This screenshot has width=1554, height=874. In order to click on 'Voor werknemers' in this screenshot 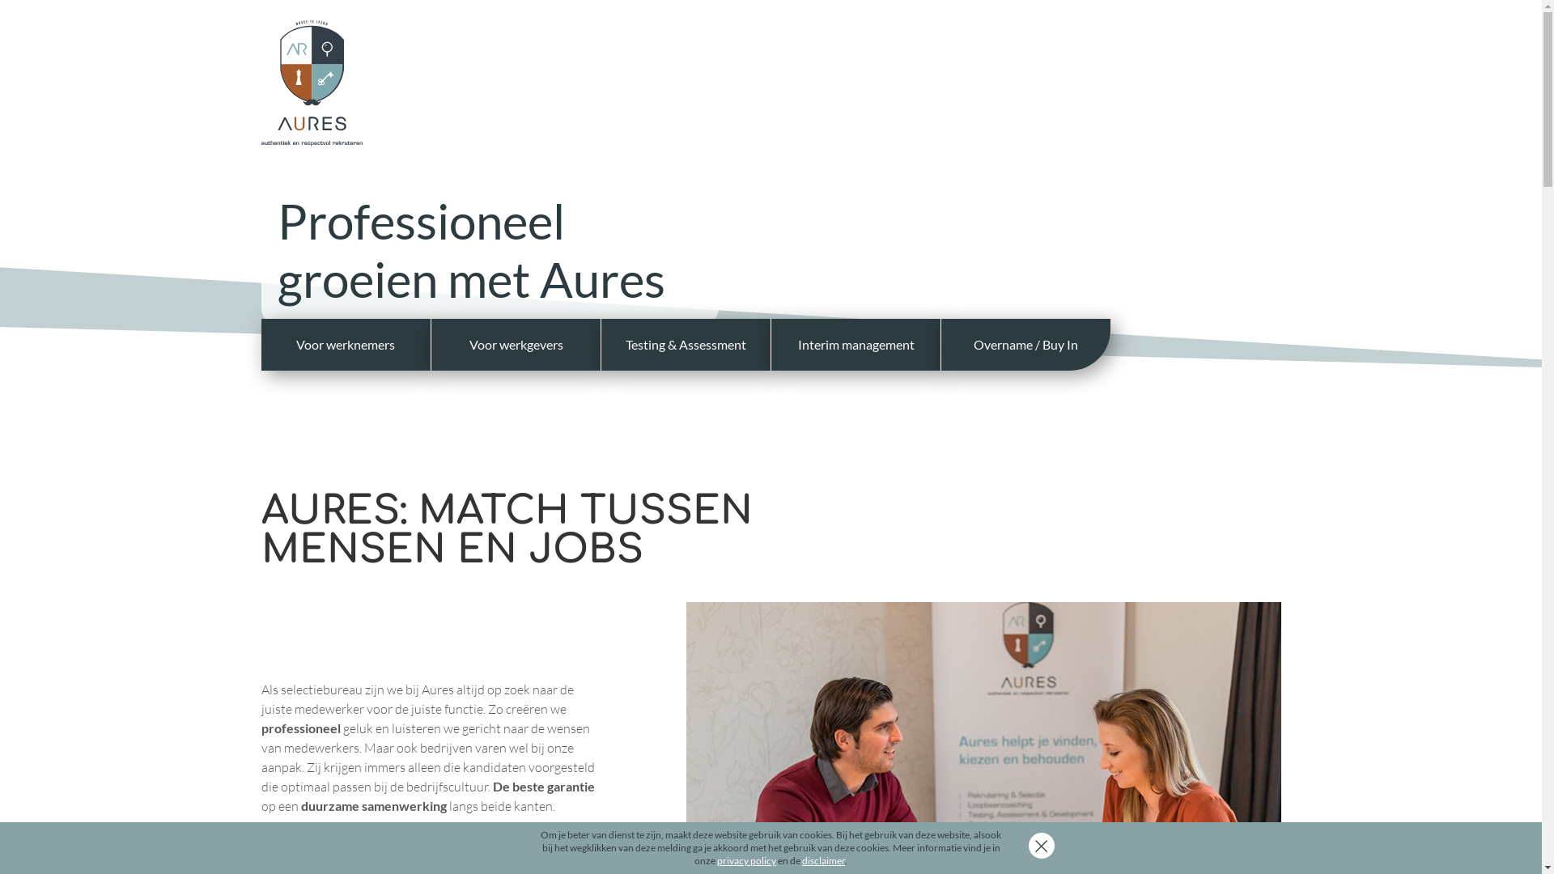, I will do `click(260, 343)`.